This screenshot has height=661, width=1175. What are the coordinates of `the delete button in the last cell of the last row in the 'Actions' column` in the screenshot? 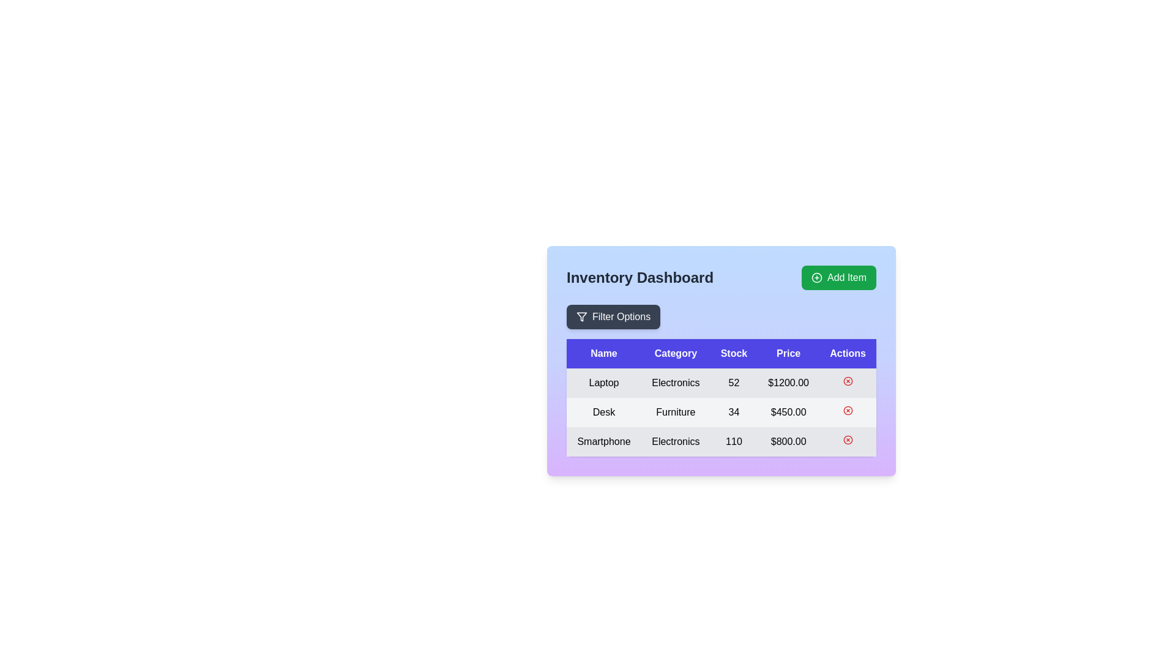 It's located at (847, 441).